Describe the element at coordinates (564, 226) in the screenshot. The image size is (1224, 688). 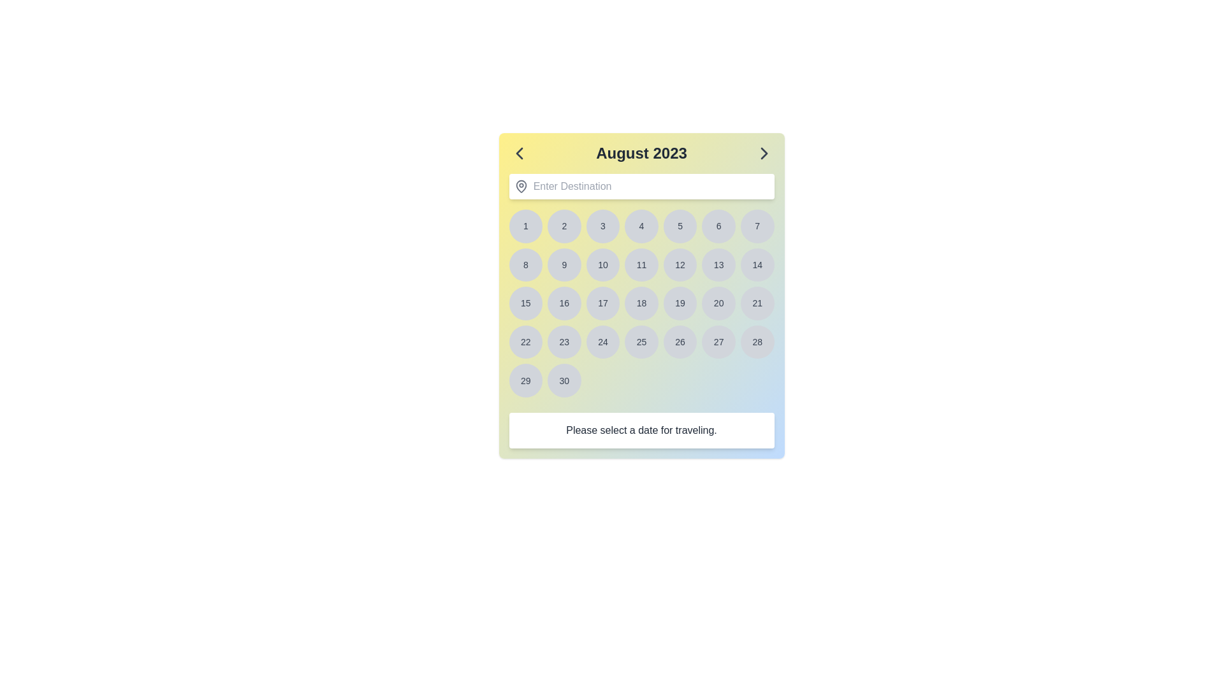
I see `the rounded button displaying the number '2' in black font, located in the second column of the first row of a grid layout` at that location.